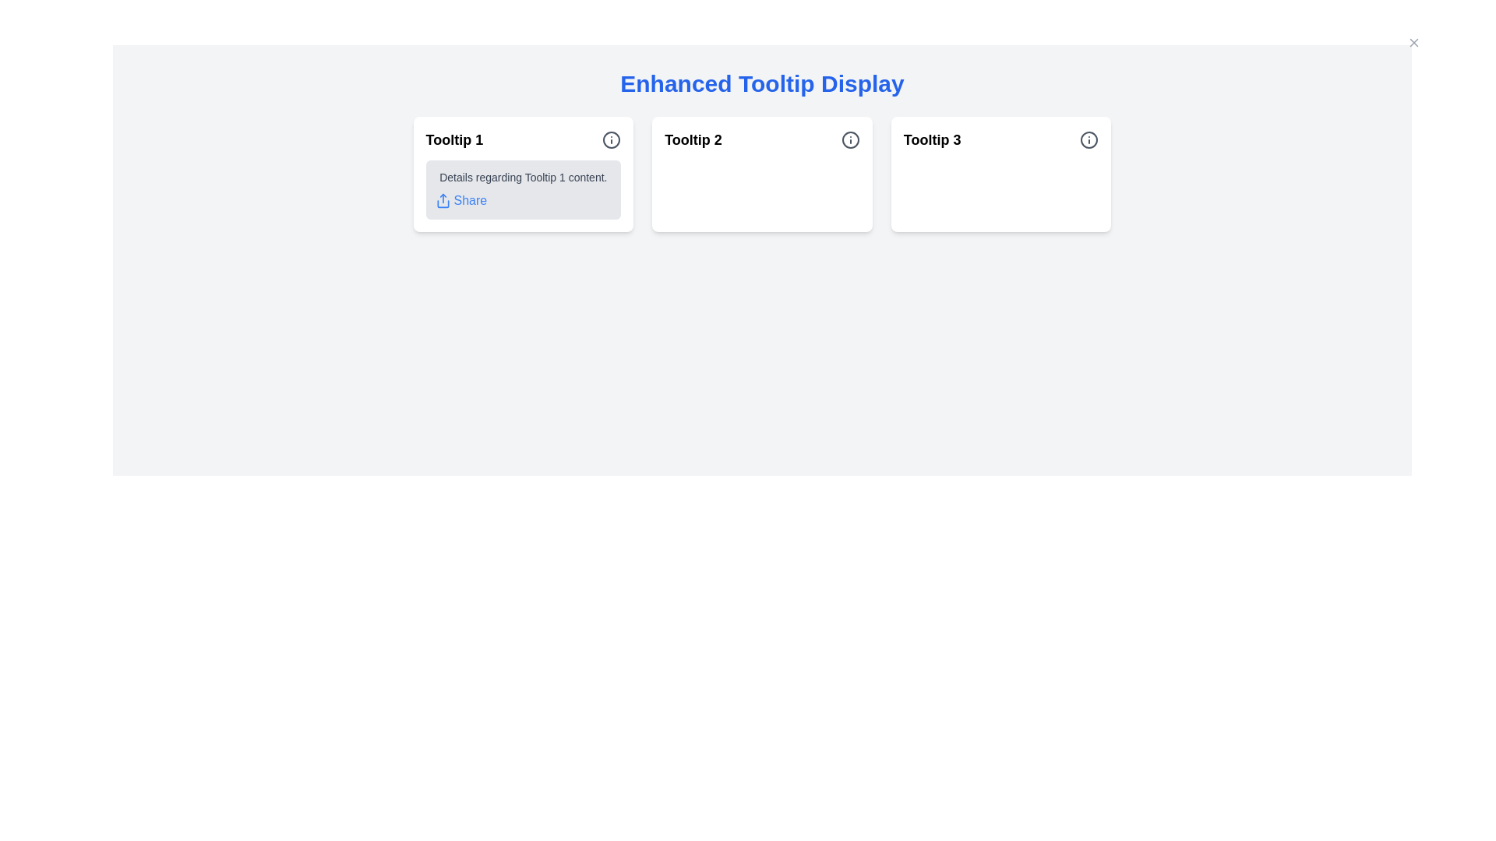 The height and width of the screenshot is (841, 1496). I want to click on the 'X' close icon element located at the top-right corner of the interface, represented as a vector graphic, so click(1413, 41).